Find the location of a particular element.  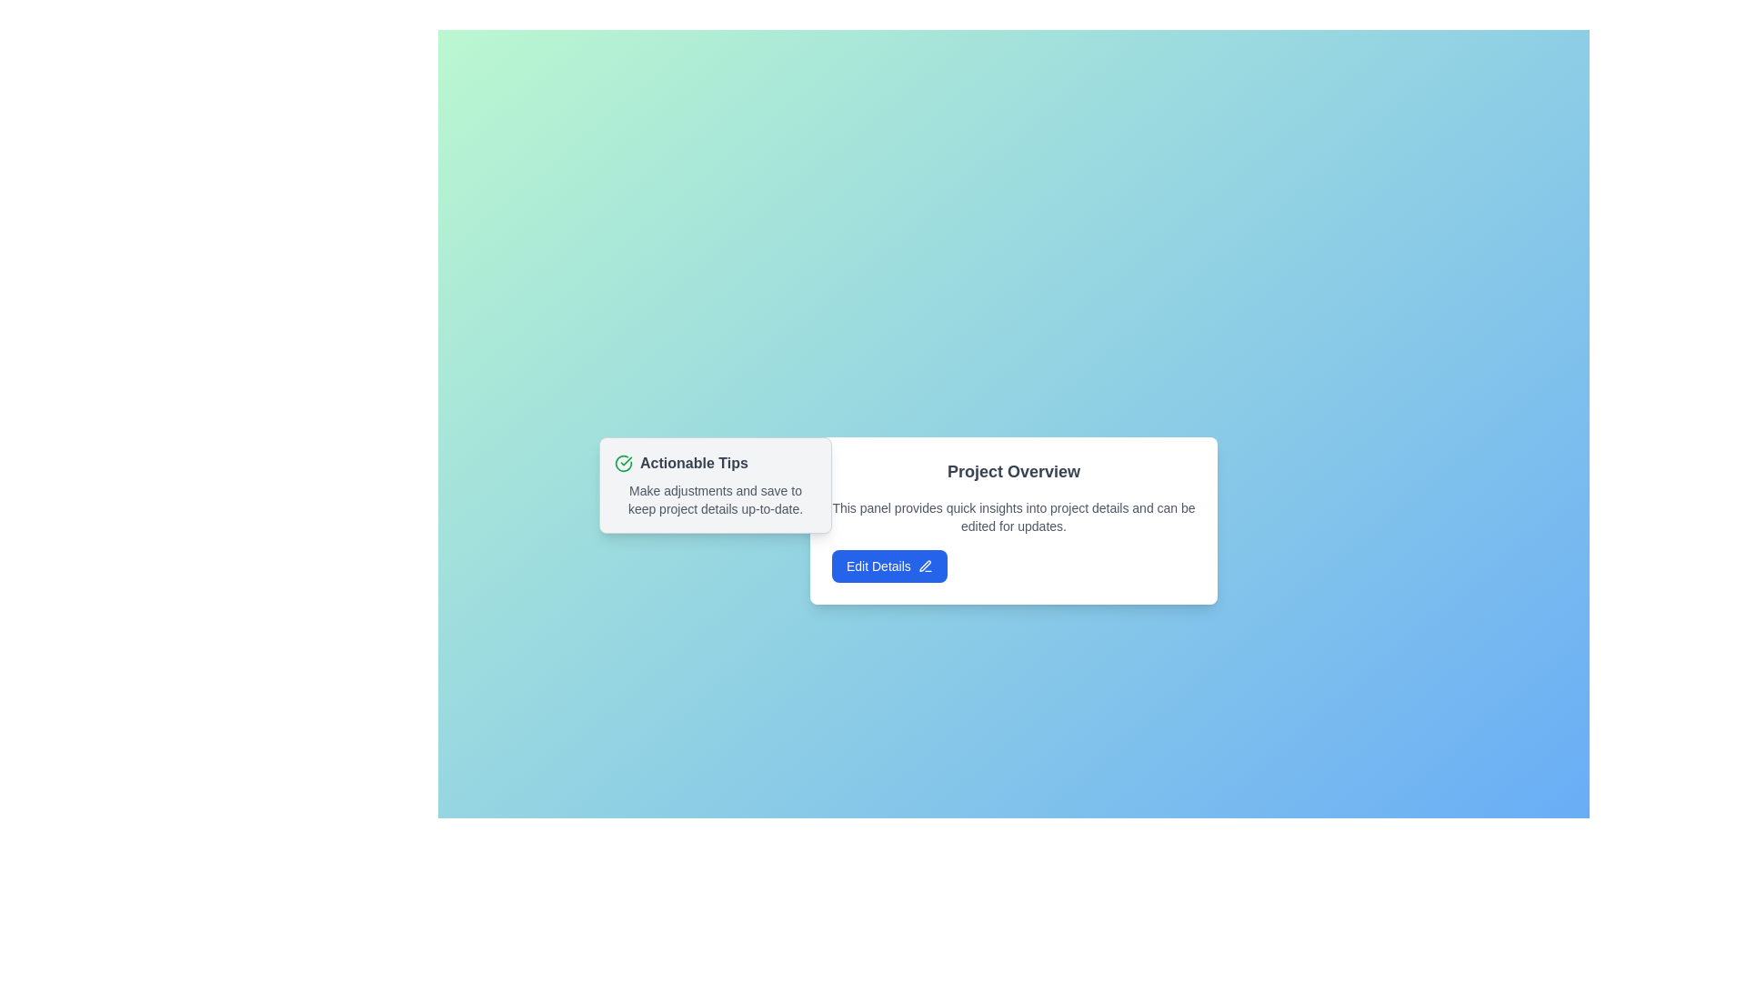

the 'Project Overview' text header, which is the title for the section and is located at the top of a white rectangular card with rounded corners is located at coordinates (1012, 471).